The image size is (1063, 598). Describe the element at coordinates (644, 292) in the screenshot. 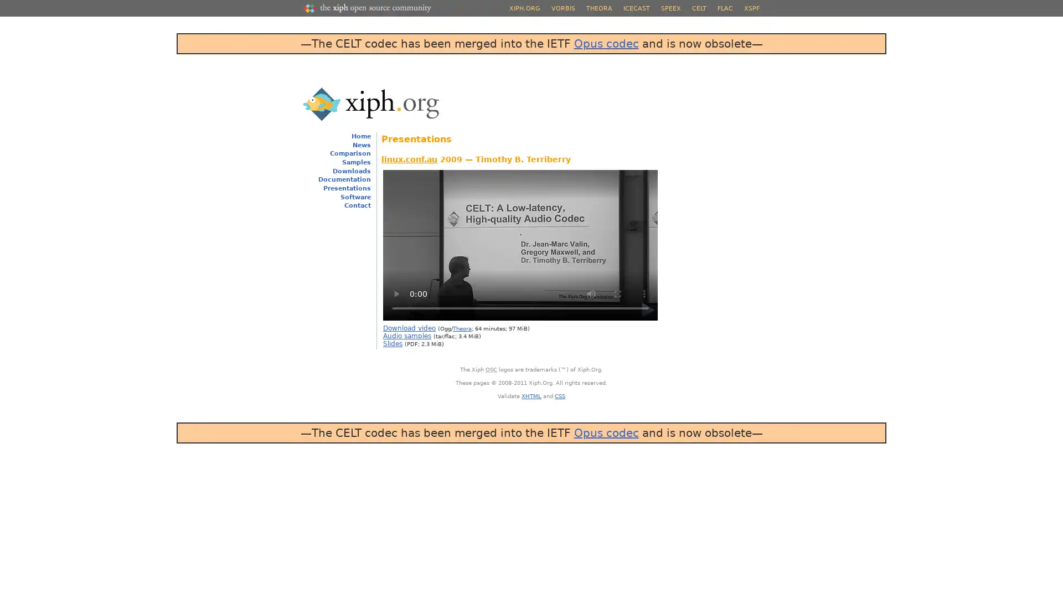

I see `show more media controls` at that location.